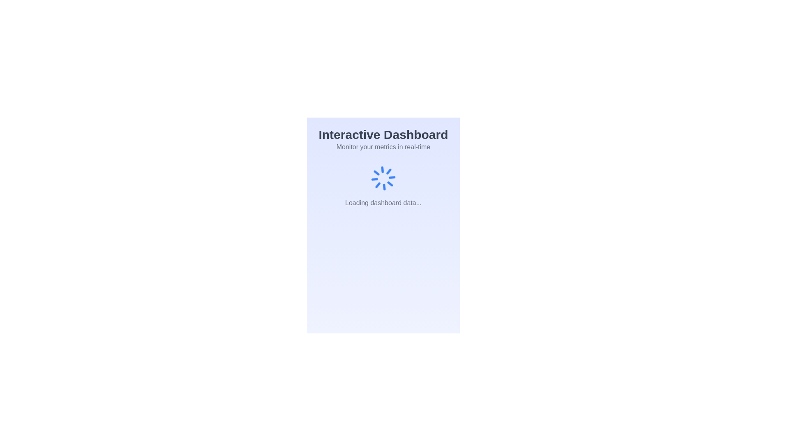  I want to click on the static text label that indicates the dashboard data is currently being loaded, located at the center bottom of the viewport beneath the spinning loader, so click(383, 203).